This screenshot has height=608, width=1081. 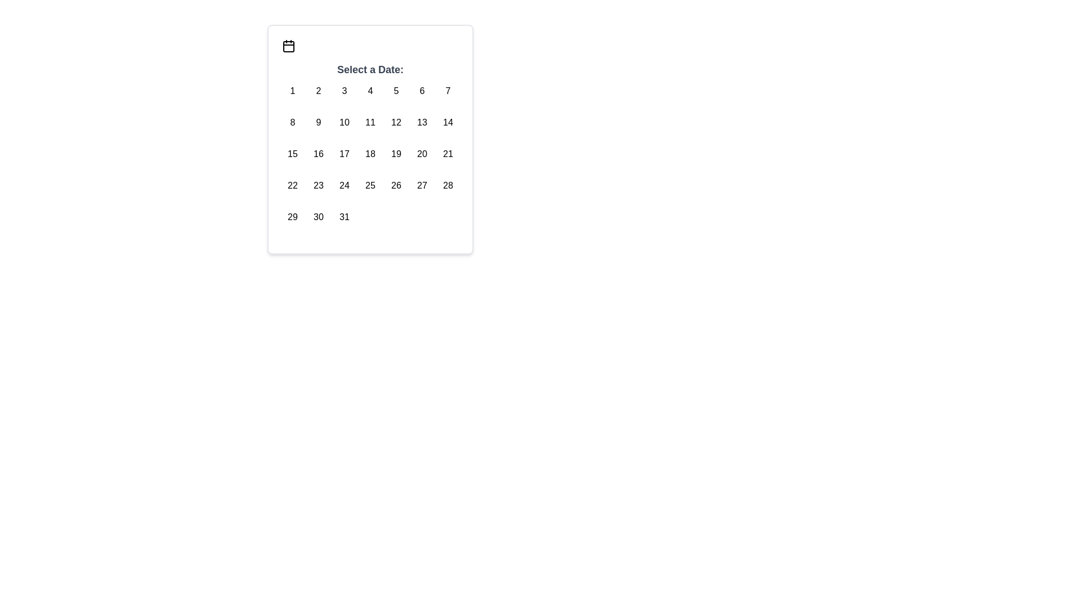 What do you see at coordinates (318, 123) in the screenshot?
I see `the circular button labeled '9' in the calendar component` at bounding box center [318, 123].